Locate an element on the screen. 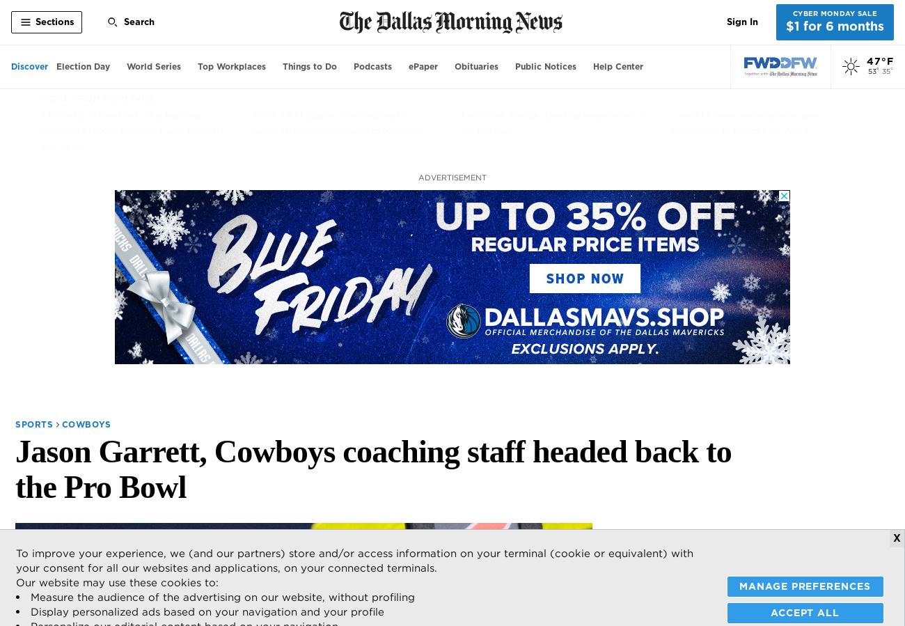 Image resolution: width=905 pixels, height=626 pixels. 'Discover' is located at coordinates (29, 65).